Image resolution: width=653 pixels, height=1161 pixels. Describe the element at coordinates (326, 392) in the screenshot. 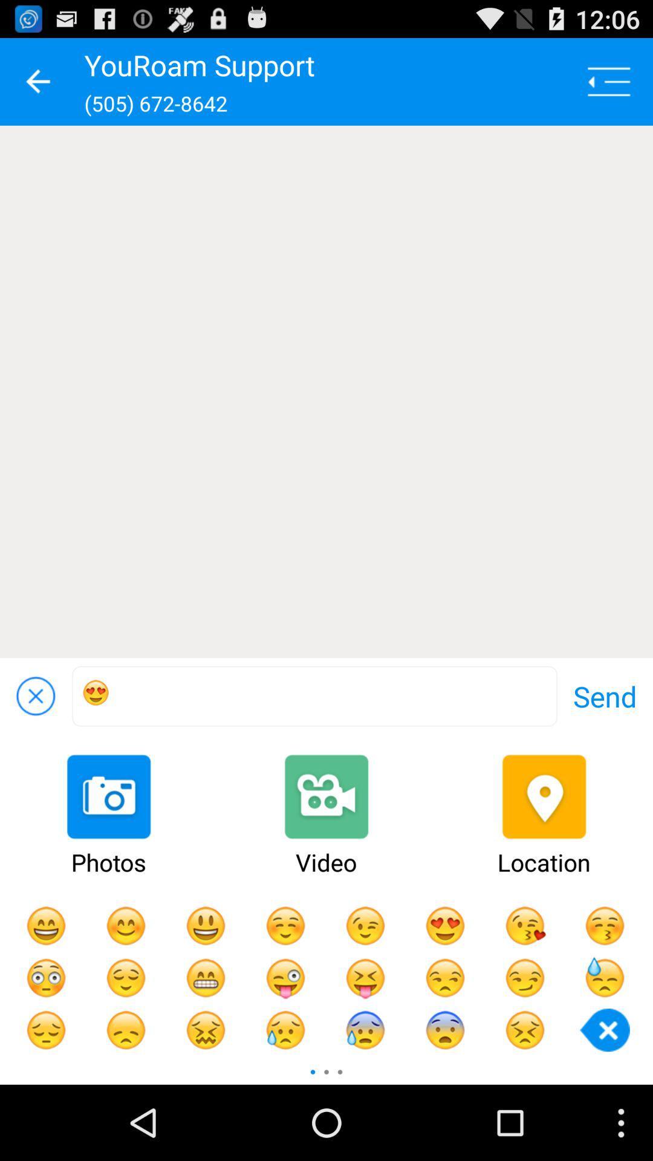

I see `blank` at that location.